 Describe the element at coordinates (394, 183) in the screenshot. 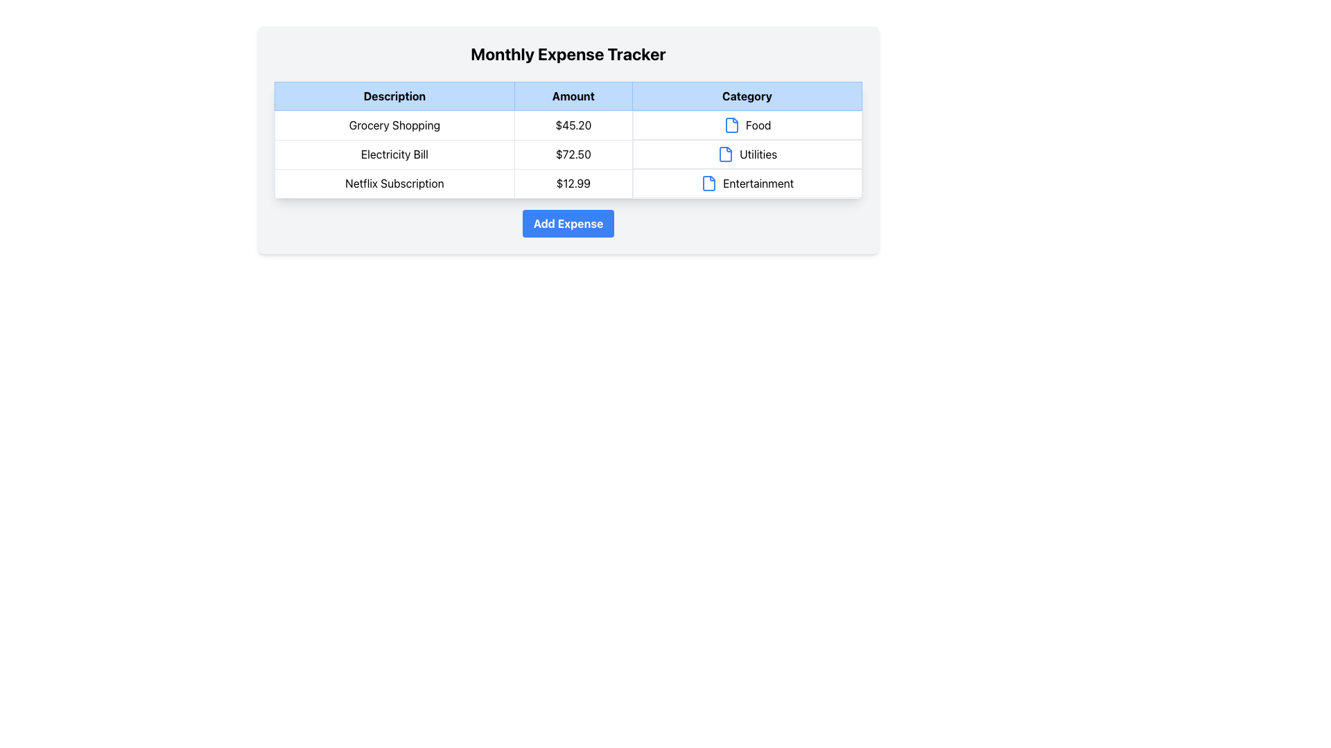

I see `the text label reading 'Netflix Subscription' which is located in the first column of the third row of a tabular layout` at that location.